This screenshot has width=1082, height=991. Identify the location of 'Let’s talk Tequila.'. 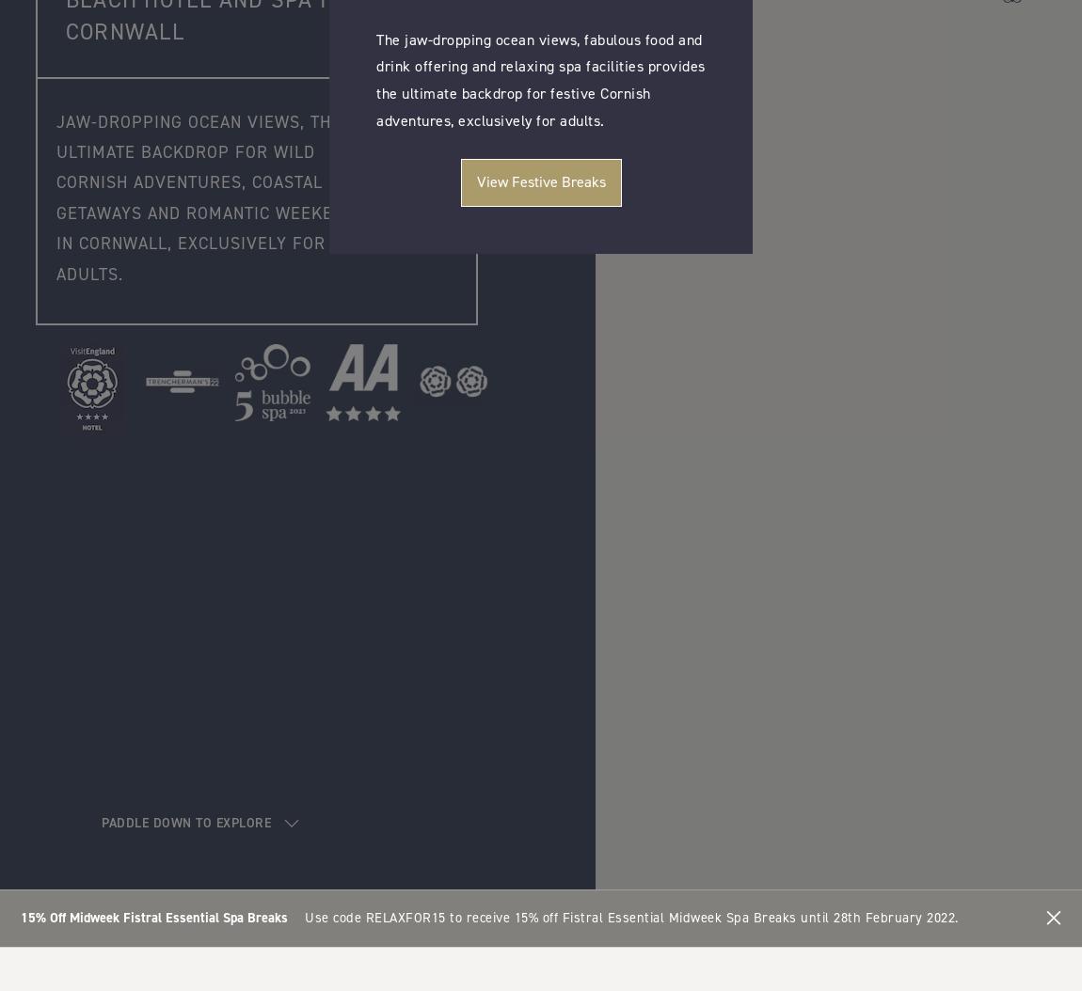
(455, 102).